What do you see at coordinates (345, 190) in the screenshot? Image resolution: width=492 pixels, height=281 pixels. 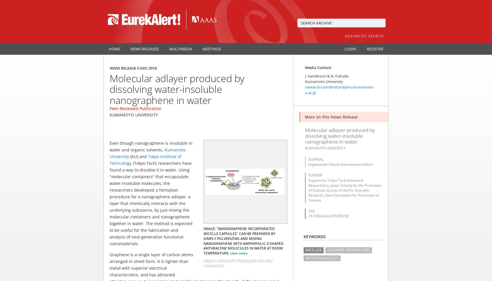 I see `'Support for Tokyo Tech Advanced Researchers,
							                                                    								Japan Society for the Promotion of Science: Grants-in-Aid for Scientific Research,
							                                                    								Kato Foundation for Promotion of Science'` at bounding box center [345, 190].